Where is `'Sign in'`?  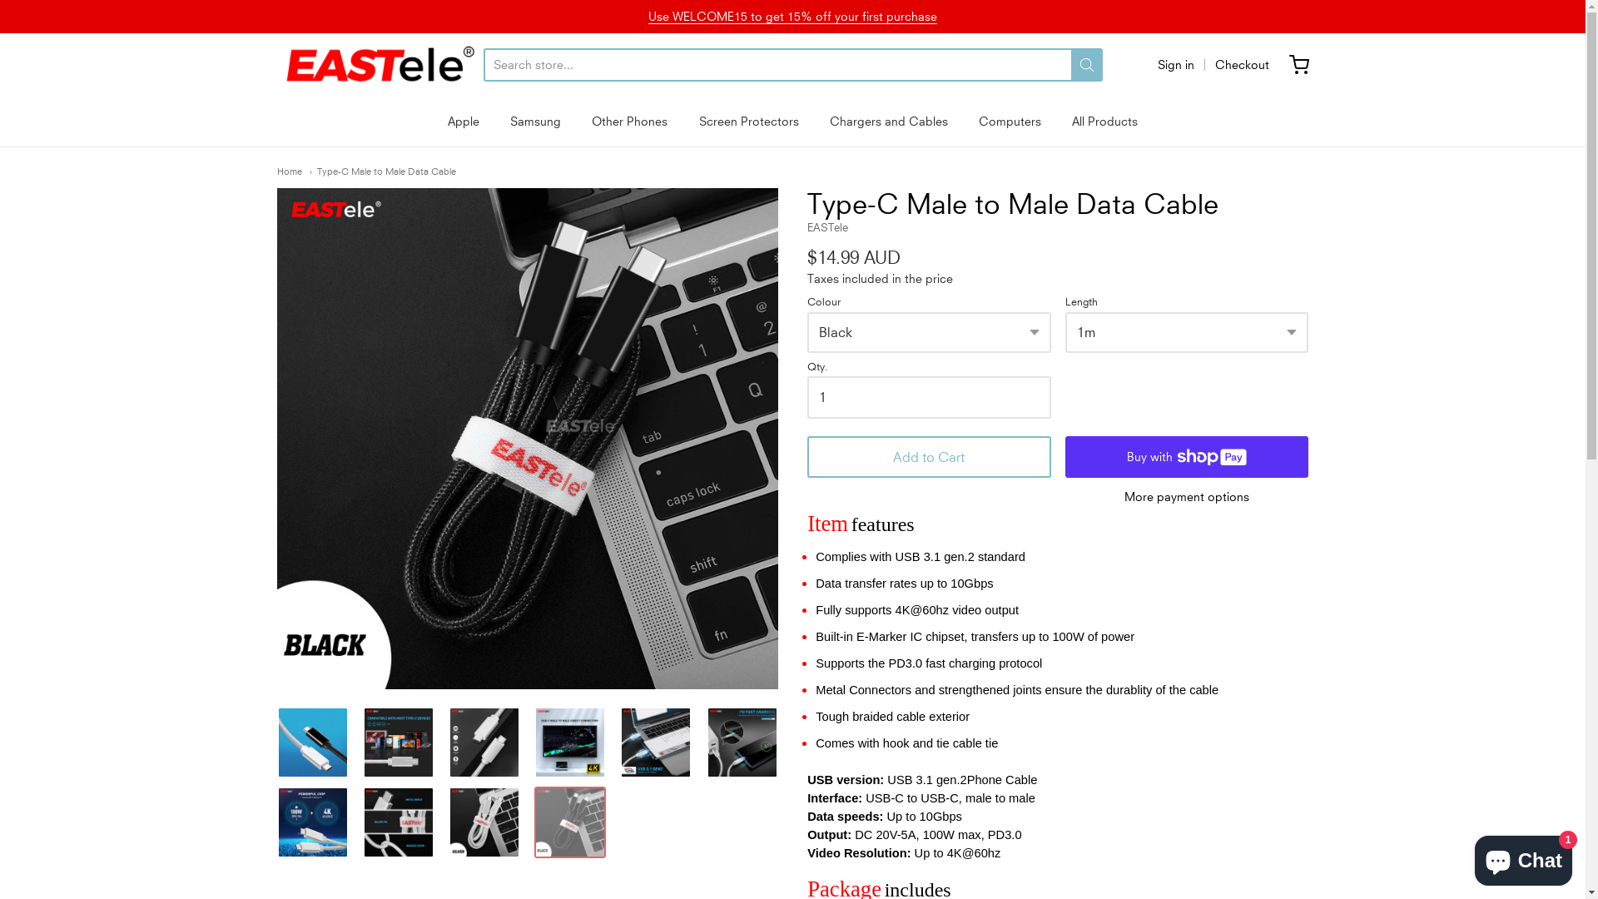
'Sign in' is located at coordinates (1156, 63).